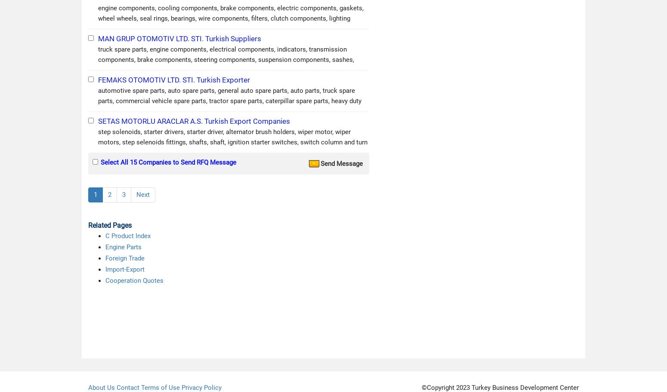 This screenshot has width=667, height=392. What do you see at coordinates (179, 38) in the screenshot?
I see `'MAN GRUP OTOMOTIV LTD. STI. Turkish Suppliers'` at bounding box center [179, 38].